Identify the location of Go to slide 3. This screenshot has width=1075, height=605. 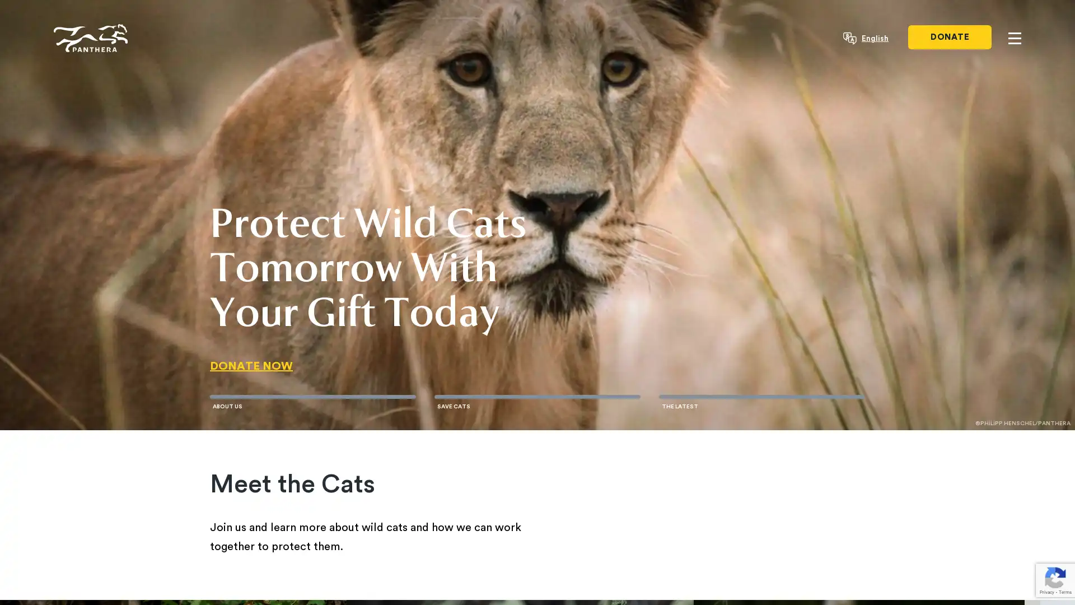
(761, 396).